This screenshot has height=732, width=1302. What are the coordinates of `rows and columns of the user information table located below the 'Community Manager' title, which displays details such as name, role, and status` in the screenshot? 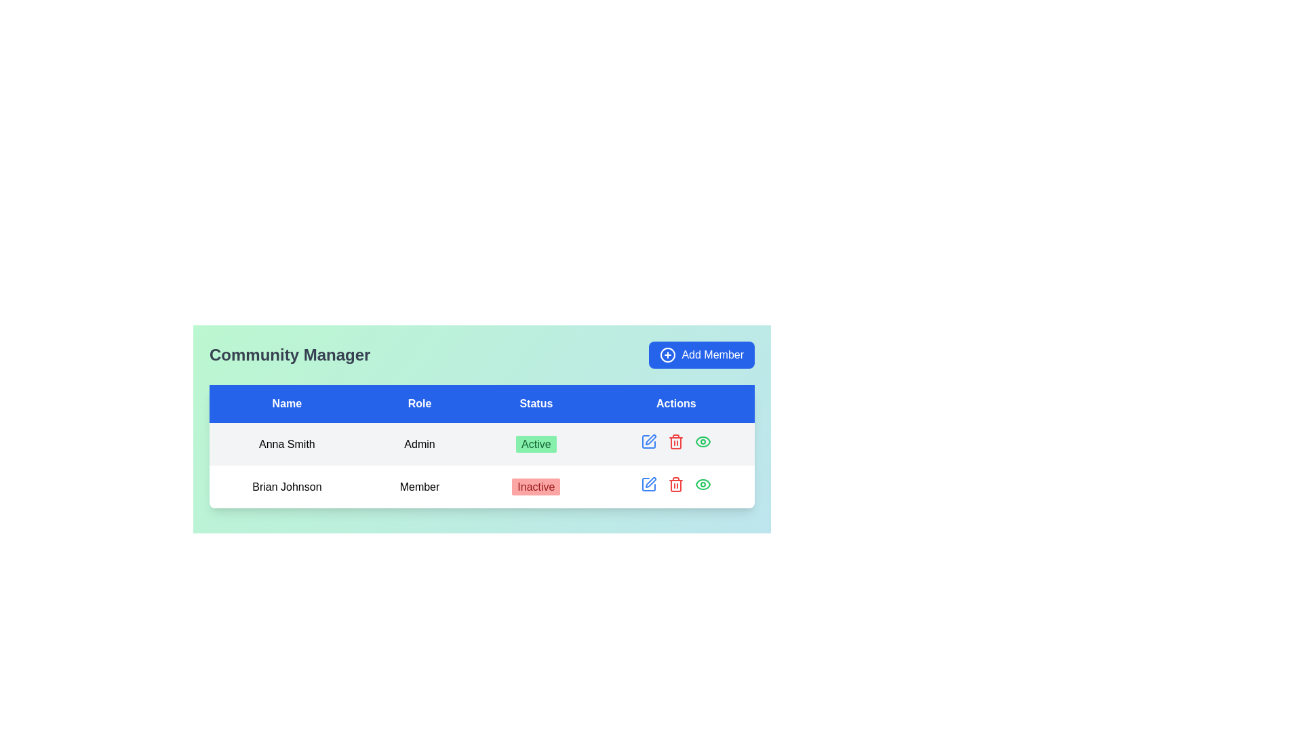 It's located at (481, 447).